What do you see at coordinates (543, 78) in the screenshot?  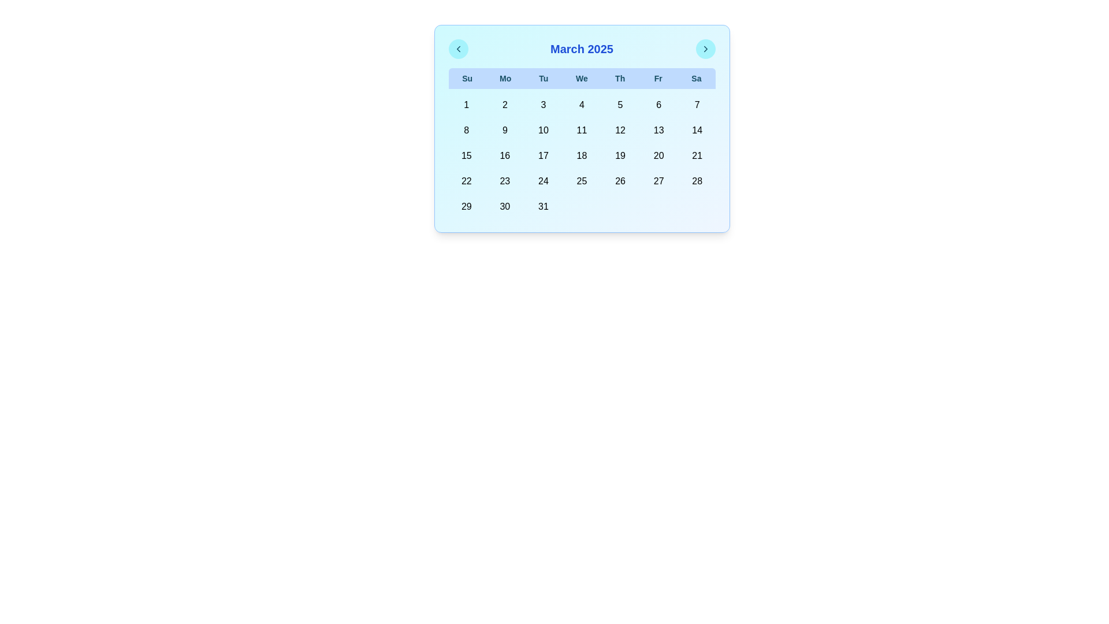 I see `the Text label representing Tuesday in the calendar view, which is located between 'Mo' and 'We' in the weekly header row` at bounding box center [543, 78].